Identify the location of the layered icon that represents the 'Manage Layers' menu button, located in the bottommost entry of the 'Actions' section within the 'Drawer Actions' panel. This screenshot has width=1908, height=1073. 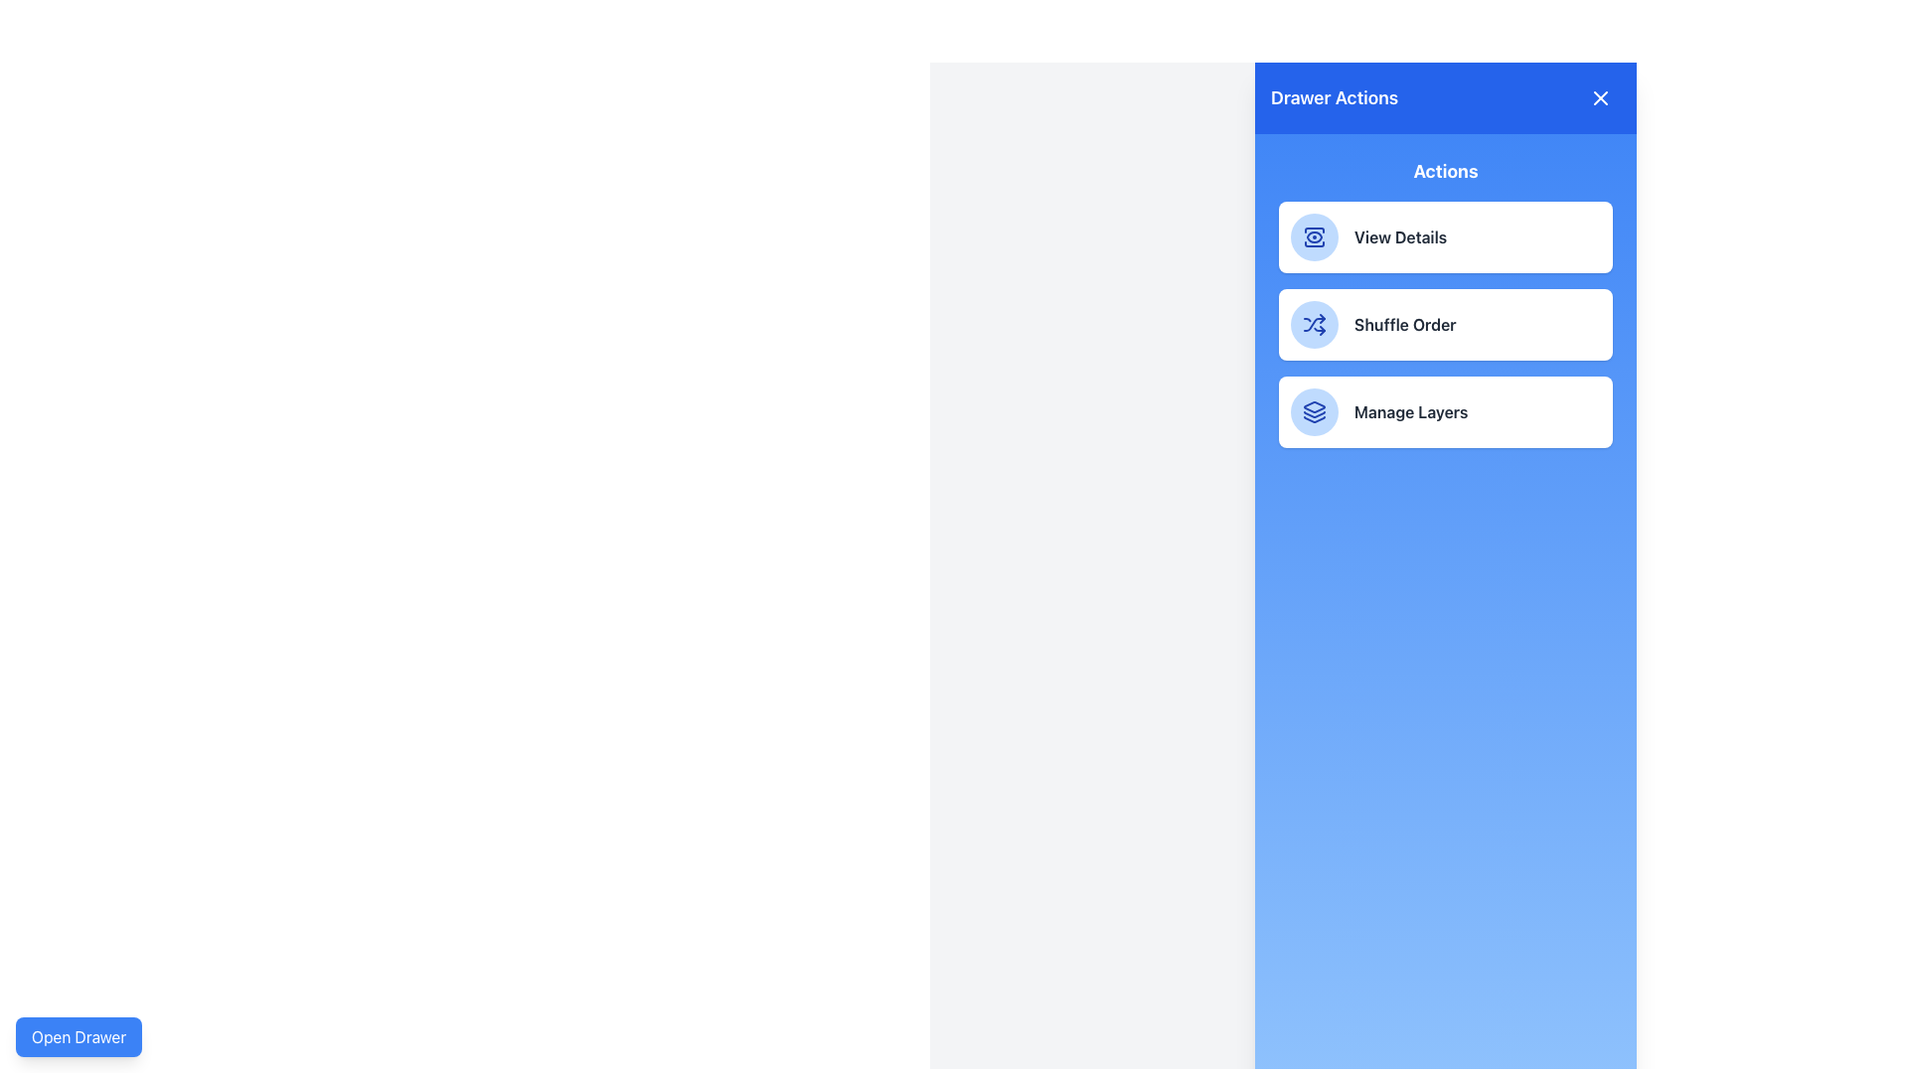
(1315, 411).